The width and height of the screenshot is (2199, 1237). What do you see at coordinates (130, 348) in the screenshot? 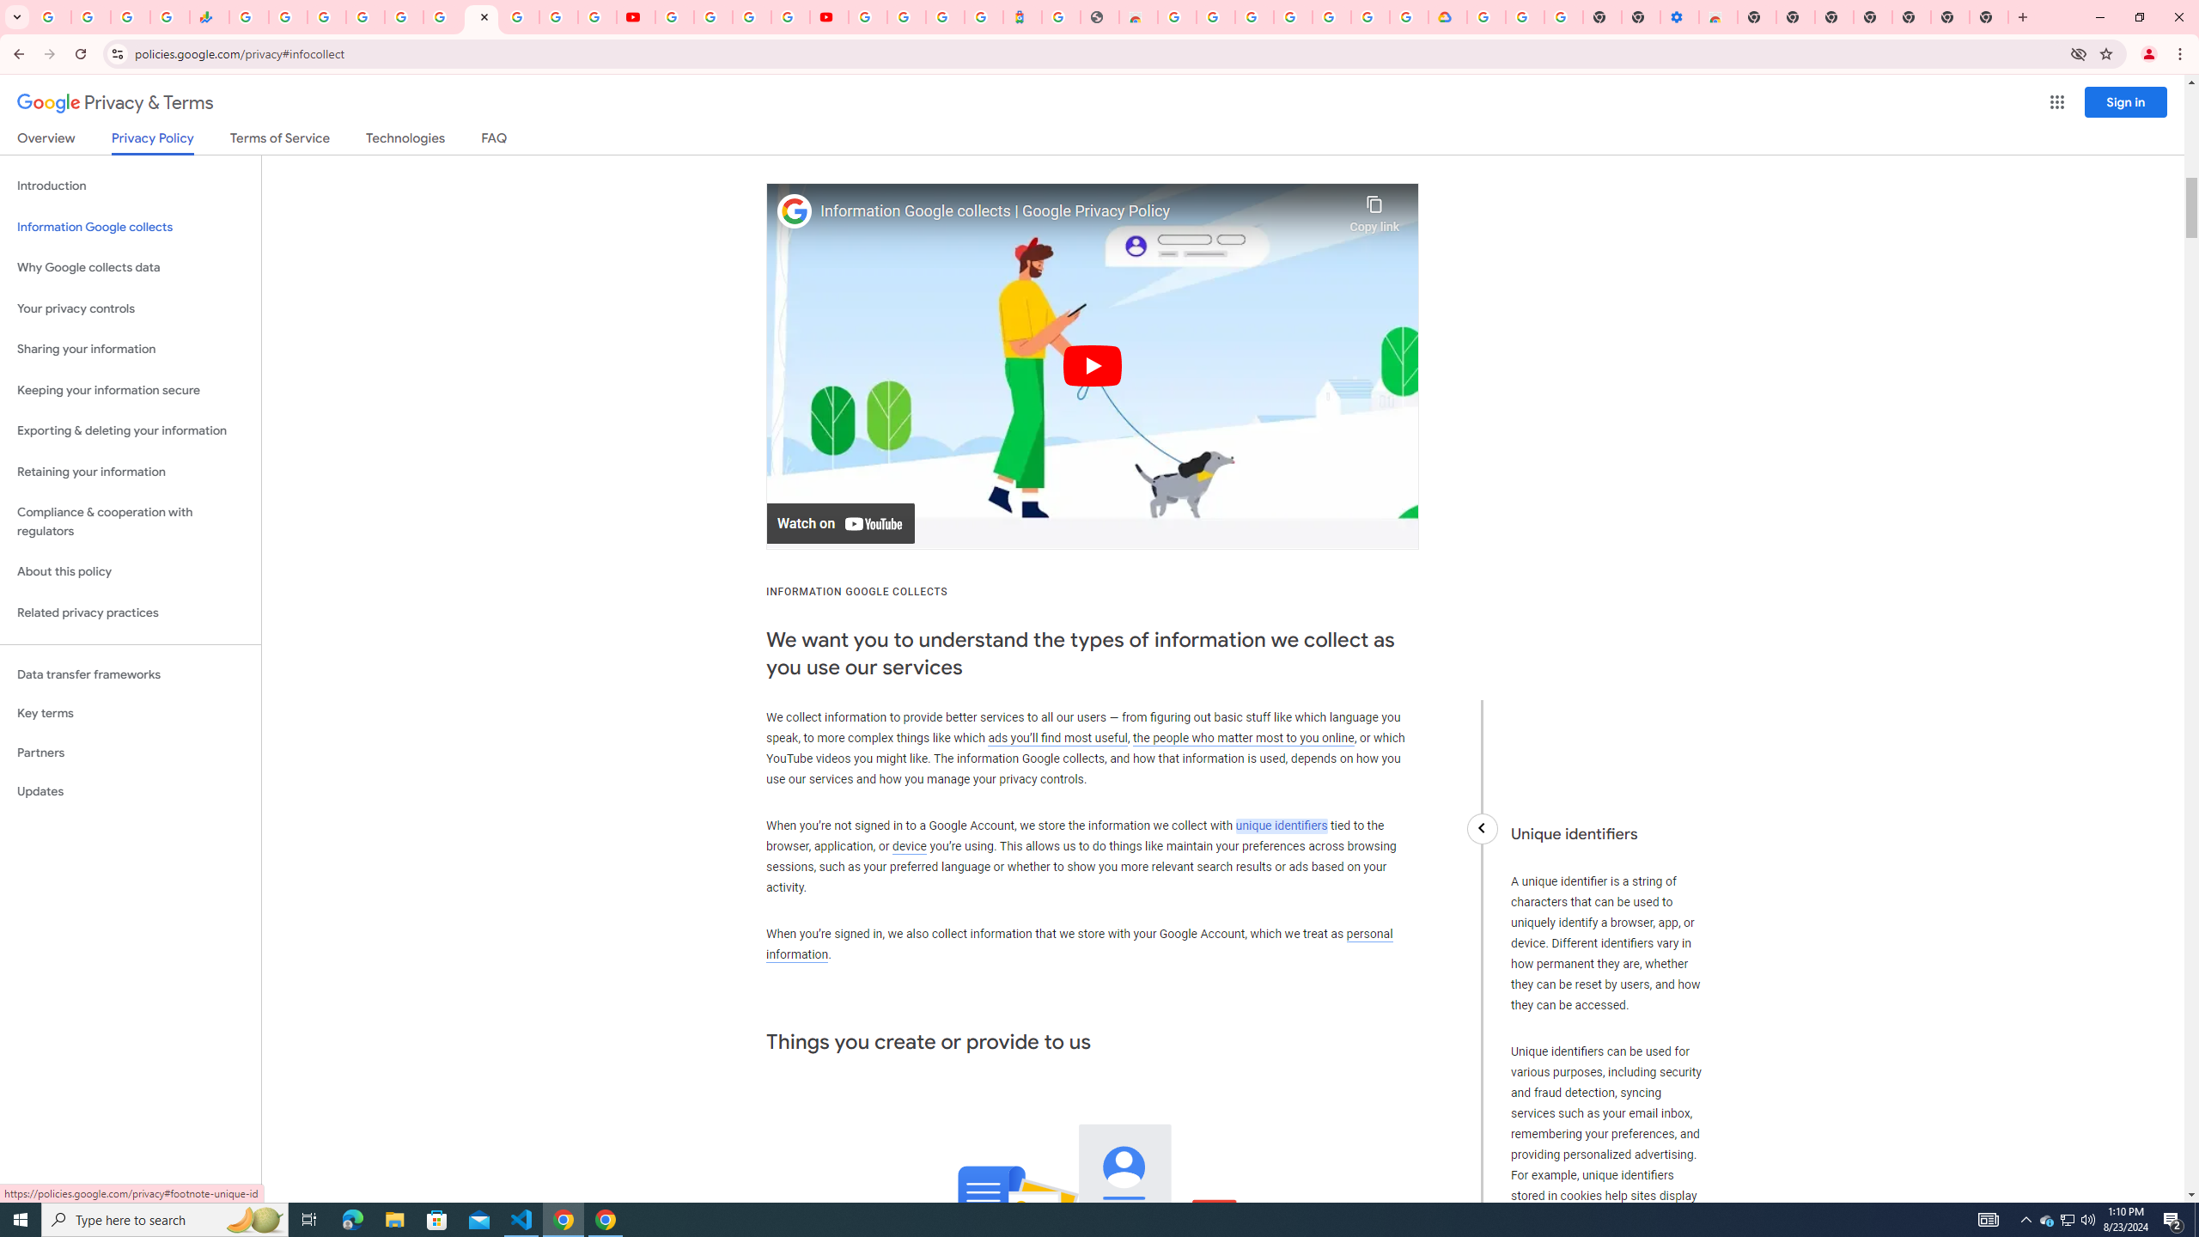
I see `'Sharing your information'` at bounding box center [130, 348].